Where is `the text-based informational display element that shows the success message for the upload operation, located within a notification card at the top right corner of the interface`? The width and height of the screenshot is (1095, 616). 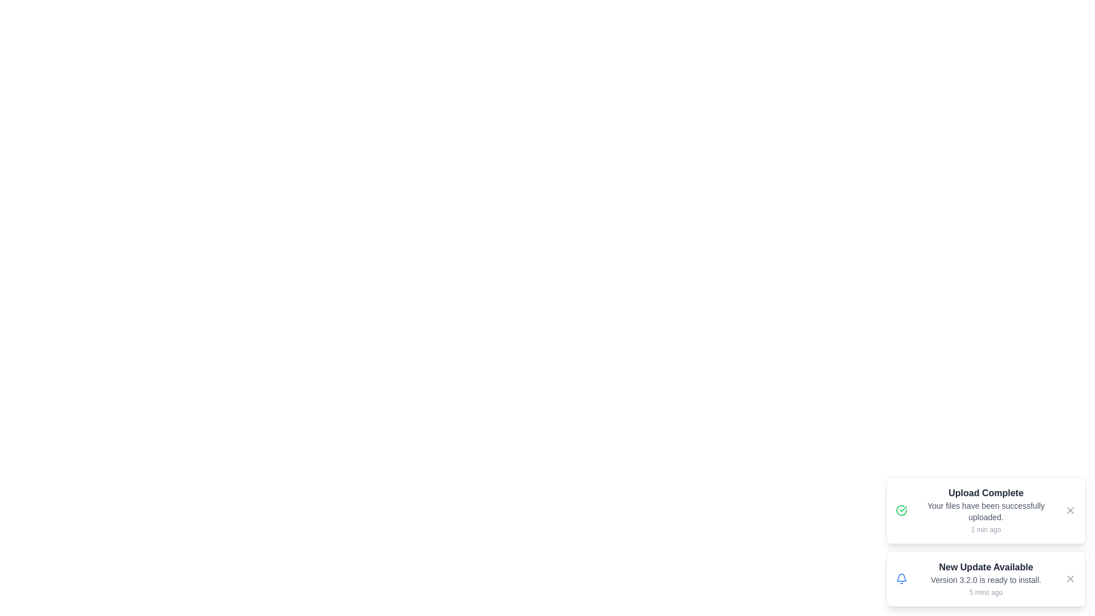
the text-based informational display element that shows the success message for the upload operation, located within a notification card at the top right corner of the interface is located at coordinates (985, 509).